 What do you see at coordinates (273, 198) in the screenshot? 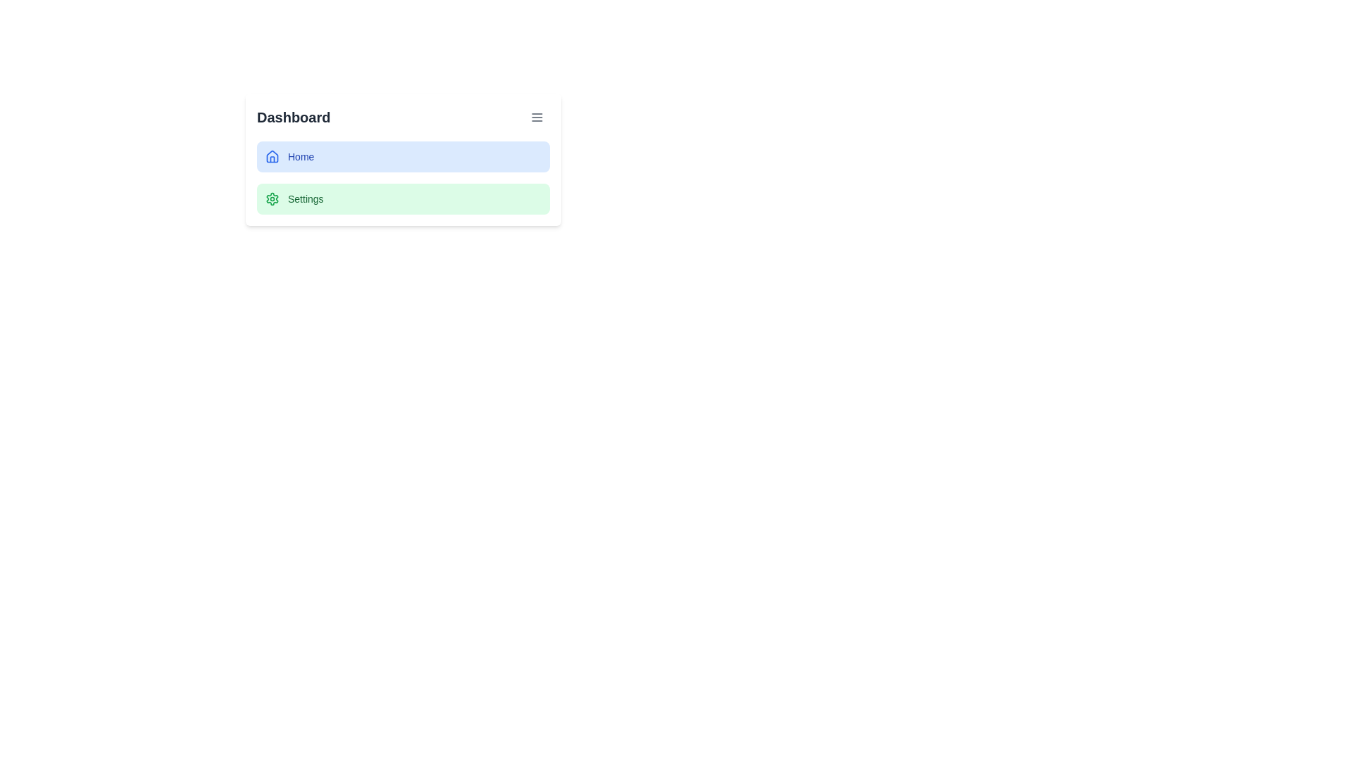
I see `the Settings icon located in the green-highlighted section of the menu, adjacent to the 'Settings' text label` at bounding box center [273, 198].